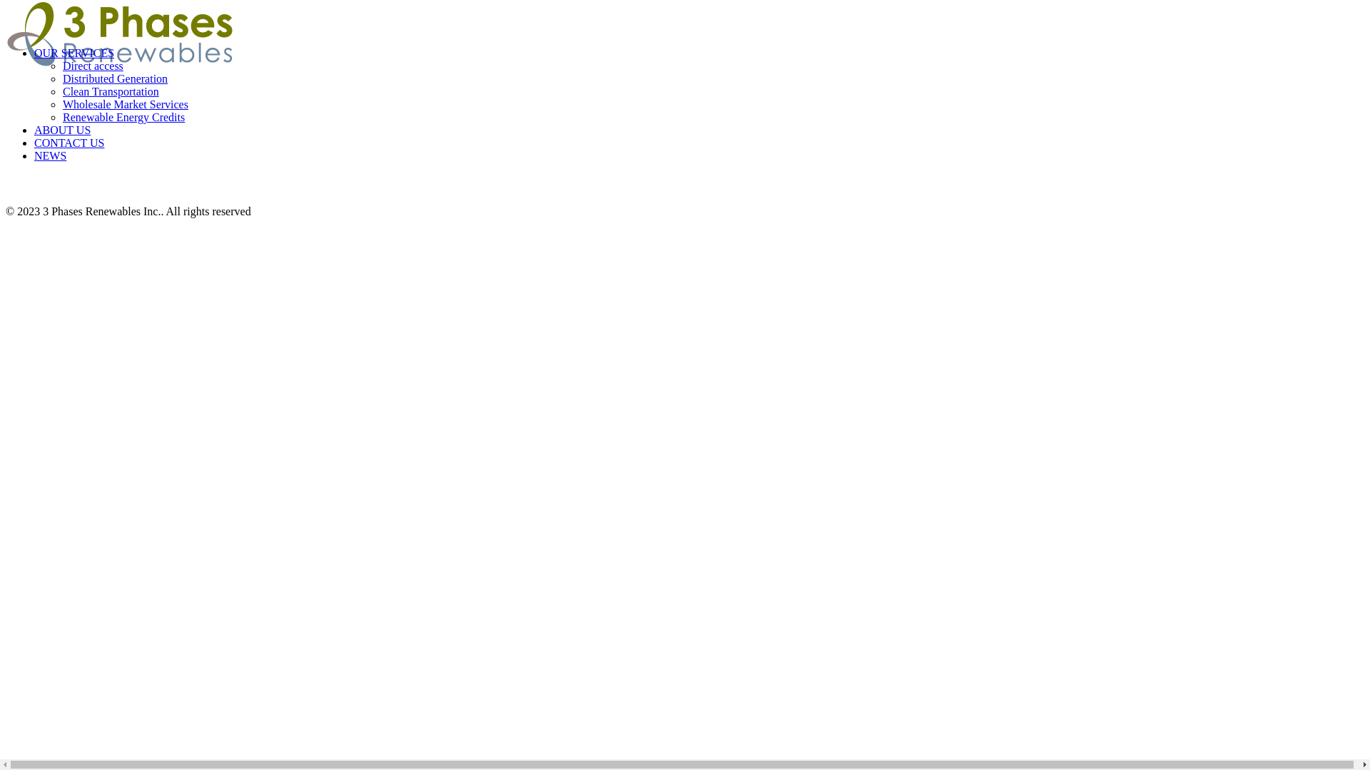 The height and width of the screenshot is (770, 1370). What do you see at coordinates (691, 186) in the screenshot?
I see `'CONTACT US'` at bounding box center [691, 186].